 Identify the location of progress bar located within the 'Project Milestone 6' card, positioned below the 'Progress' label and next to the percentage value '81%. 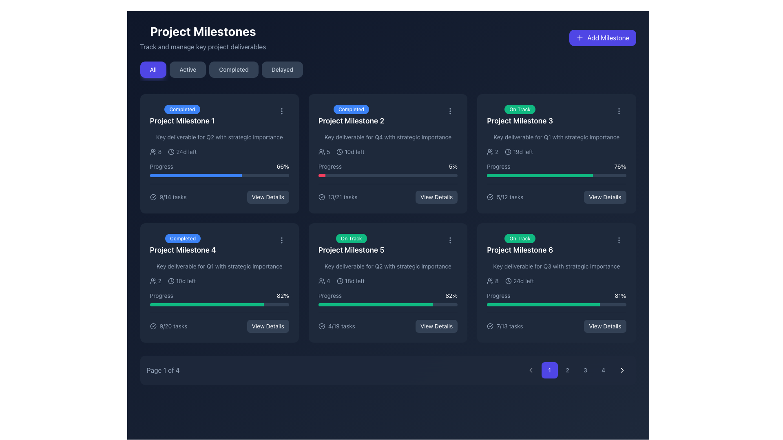
(556, 305).